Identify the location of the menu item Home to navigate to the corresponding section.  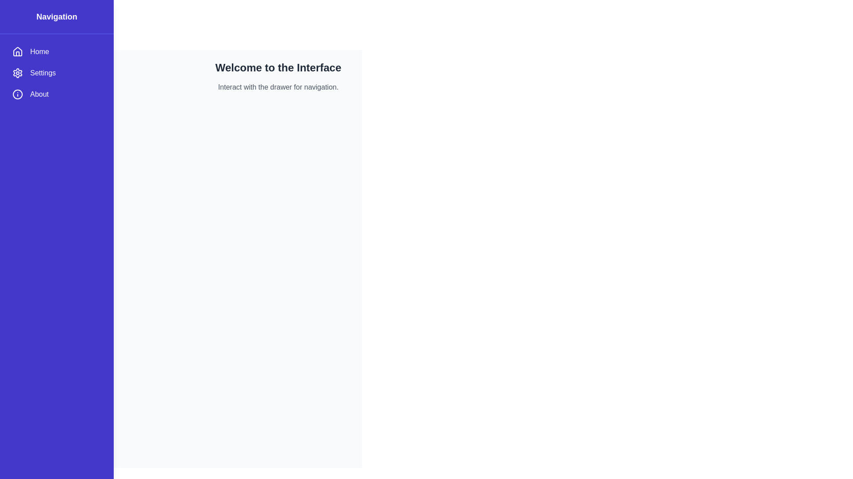
(56, 51).